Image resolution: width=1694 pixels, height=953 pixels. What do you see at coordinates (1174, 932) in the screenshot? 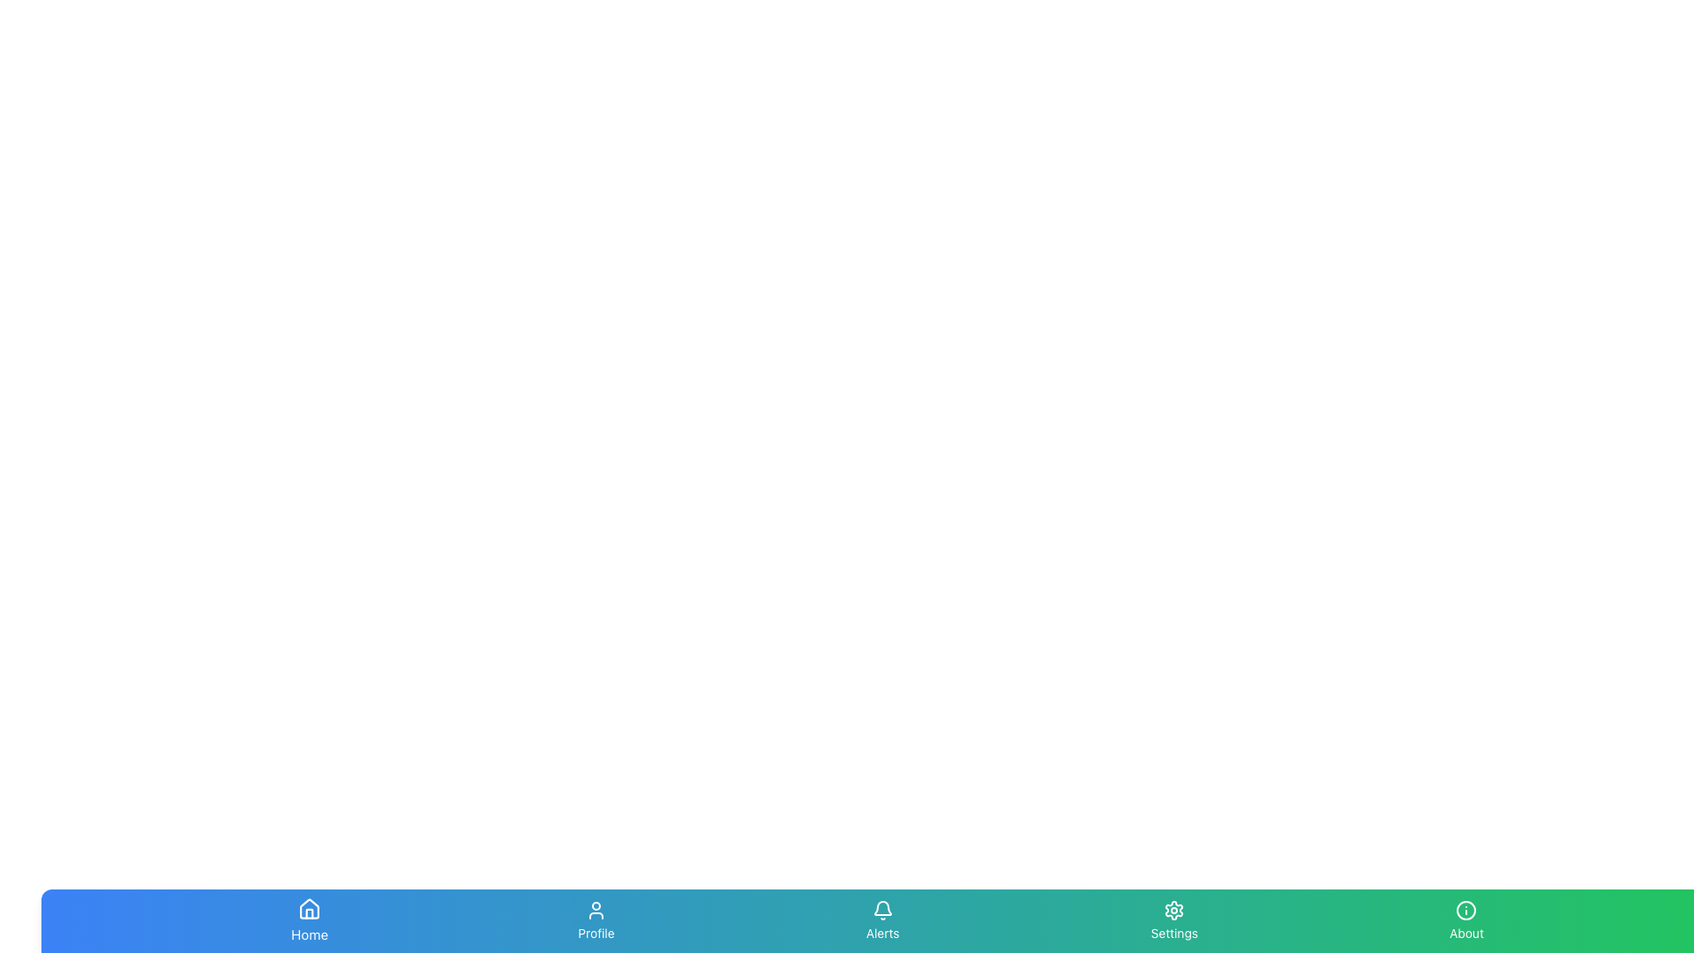
I see `the 'Settings' text label located in the bottom navigation bar, which identifies the associated button for accessing the settings section of the application` at bounding box center [1174, 932].